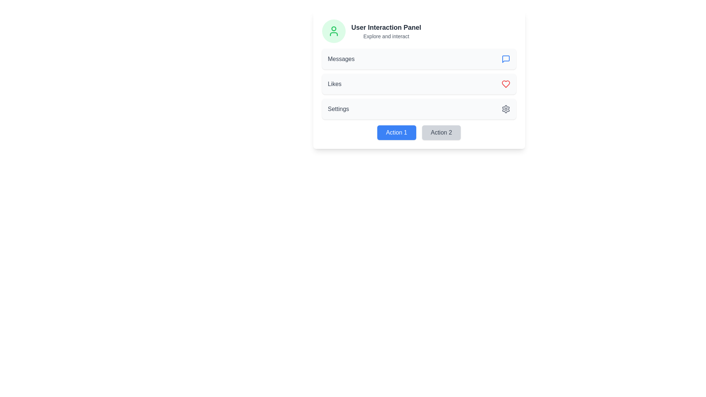 The height and width of the screenshot is (397, 706). I want to click on the 'Messages' text label, which is displayed in medium gray font and is part of a user interface panel, positioned above the 'Likes' and 'Settings' options, so click(340, 59).